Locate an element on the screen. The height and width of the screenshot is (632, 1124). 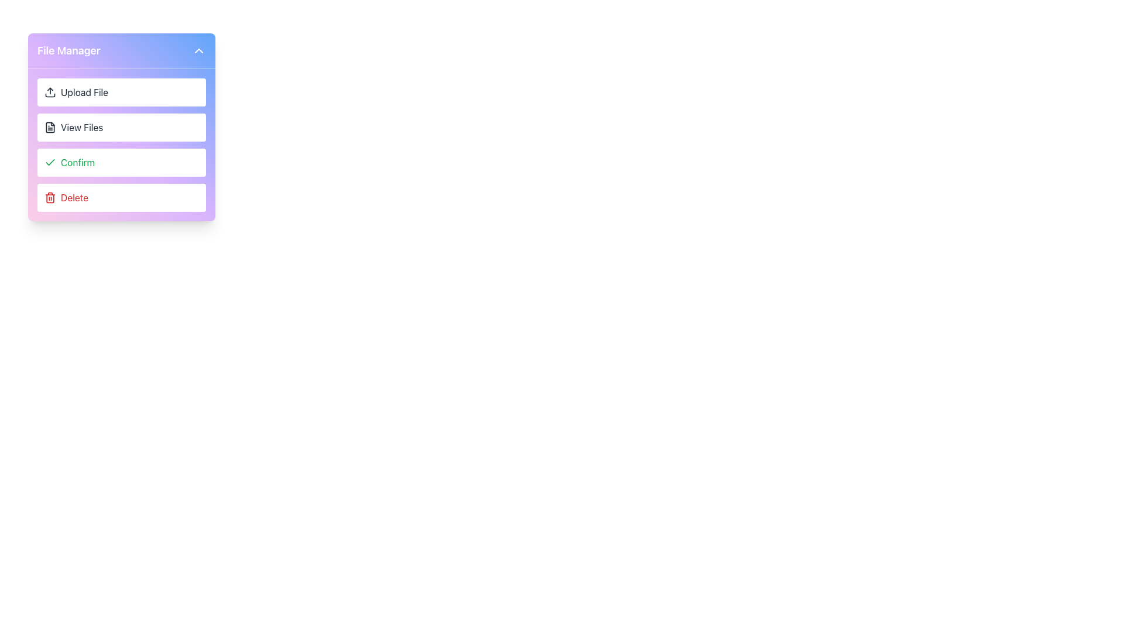
the Header or Label Text located at the top left of the UI section, which serves as a title for the content below is located at coordinates (68, 50).